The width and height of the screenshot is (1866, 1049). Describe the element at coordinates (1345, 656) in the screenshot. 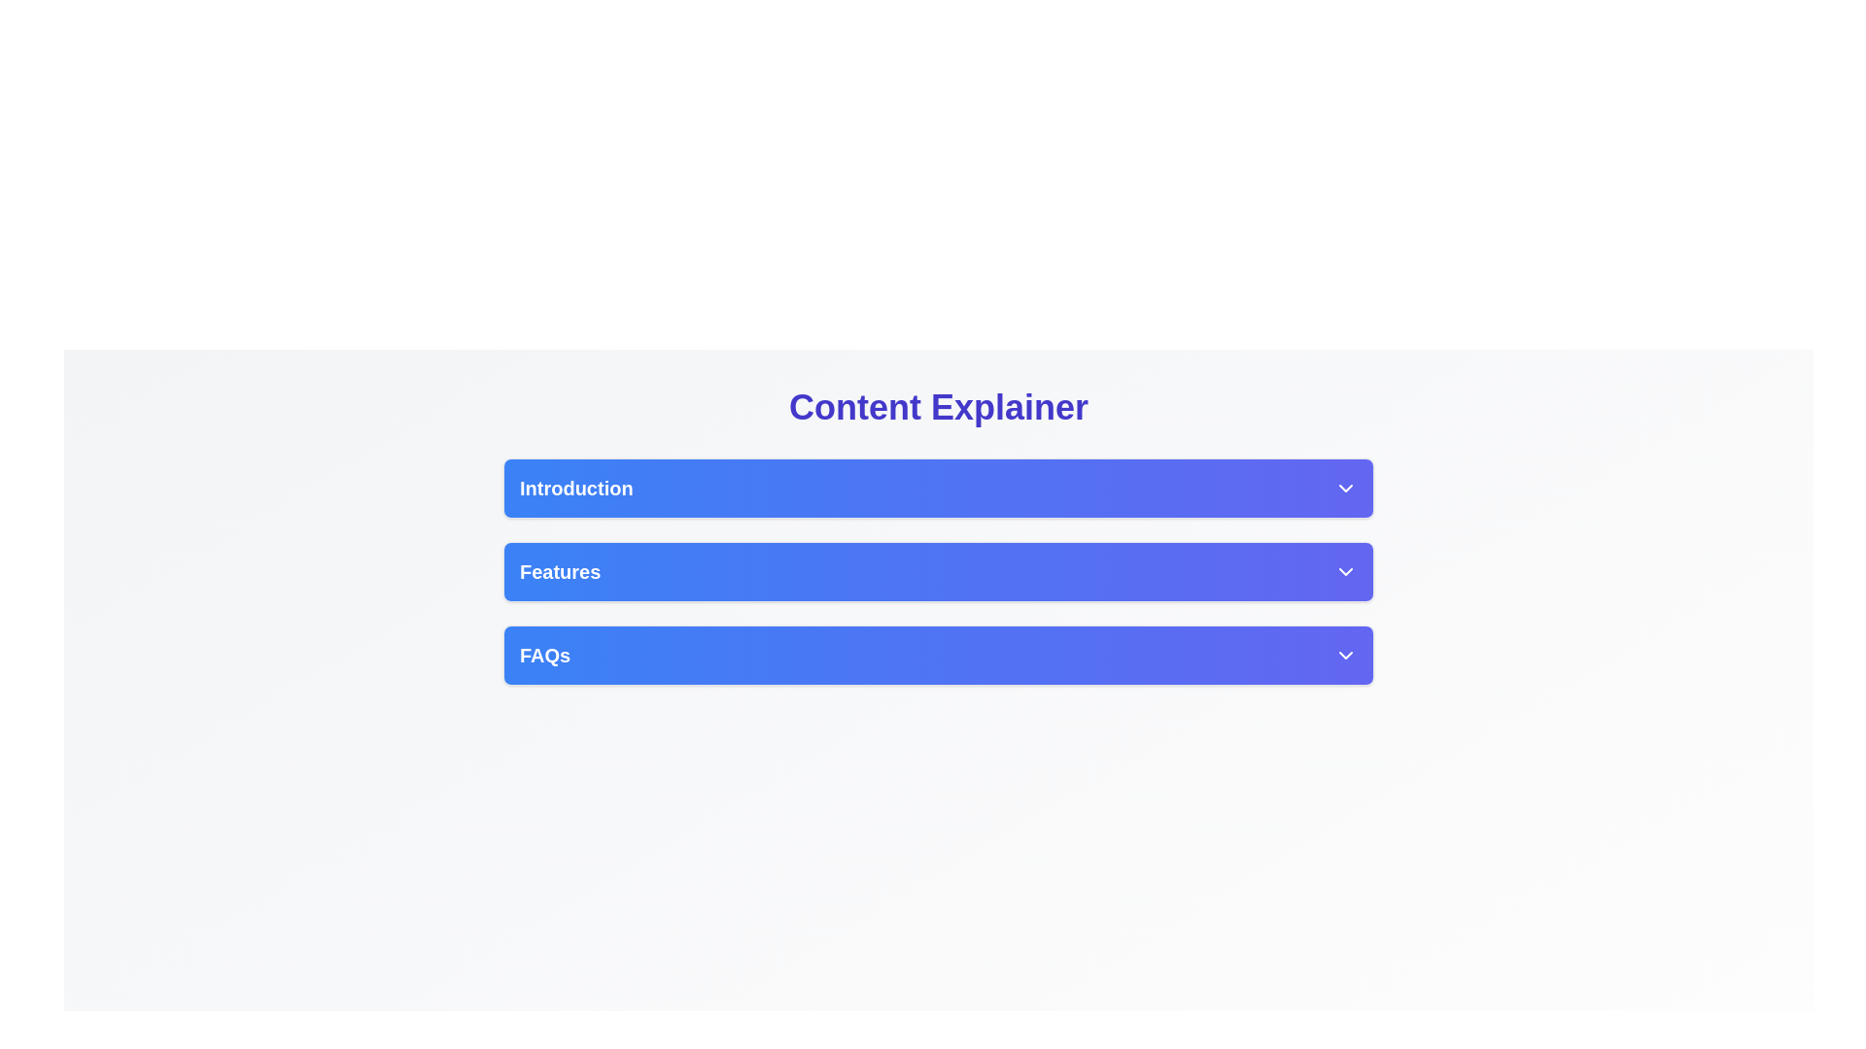

I see `the chevron icon located at the far-right end of the 'FAQs' button` at that location.